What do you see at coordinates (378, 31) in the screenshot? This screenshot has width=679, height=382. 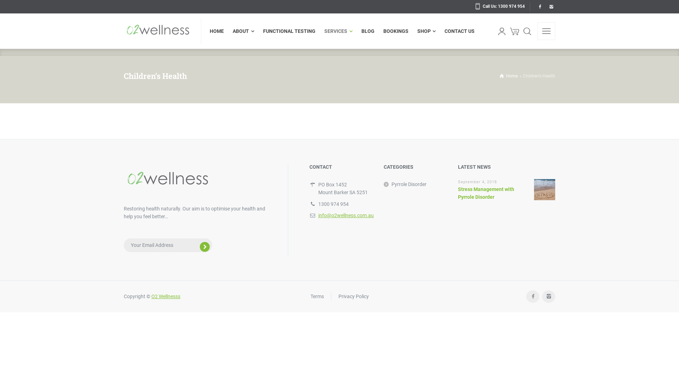 I see `'BOOKINGS'` at bounding box center [378, 31].